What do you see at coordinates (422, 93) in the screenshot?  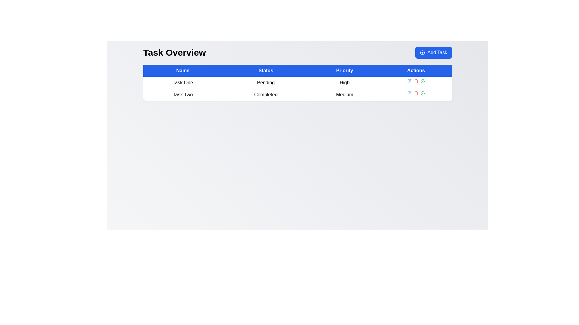 I see `the green circular check mark icon located at the rightmost side of the 'Actions' column in the second data row of the table to confirm the action` at bounding box center [422, 93].